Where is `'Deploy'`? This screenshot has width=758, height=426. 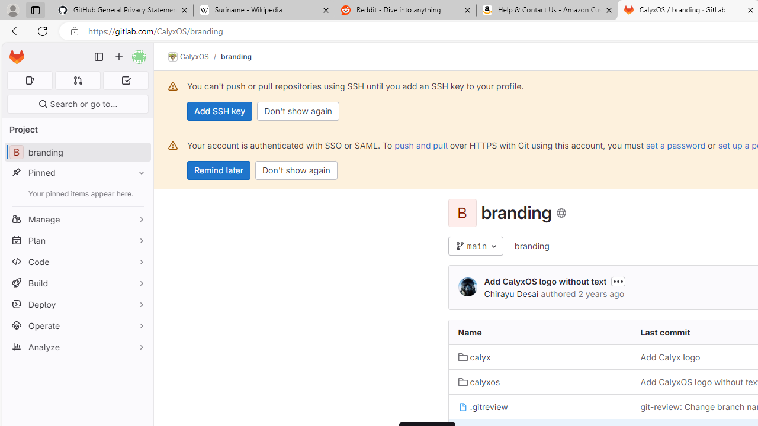
'Deploy' is located at coordinates (77, 304).